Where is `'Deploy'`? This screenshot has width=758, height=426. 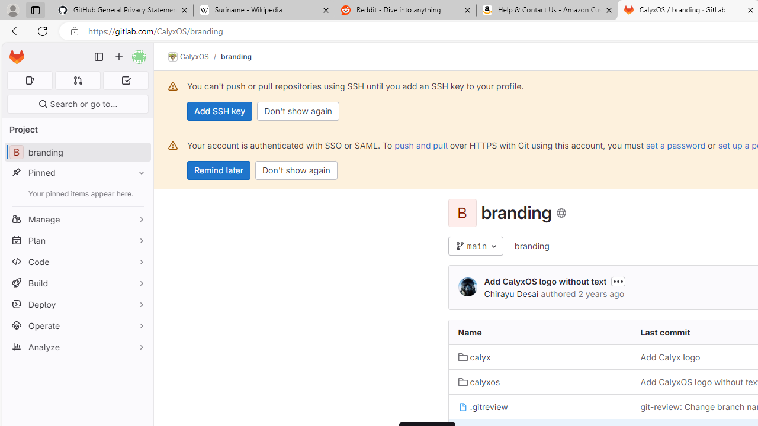
'Deploy' is located at coordinates (77, 304).